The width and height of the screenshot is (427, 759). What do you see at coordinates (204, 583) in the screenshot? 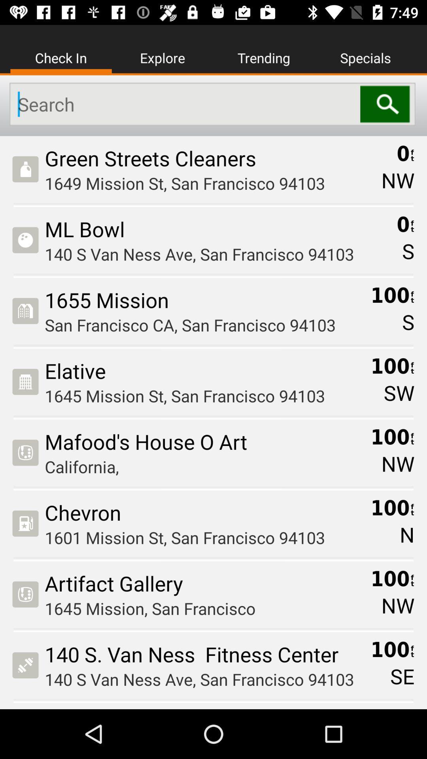
I see `the item above 1645 mission san icon` at bounding box center [204, 583].